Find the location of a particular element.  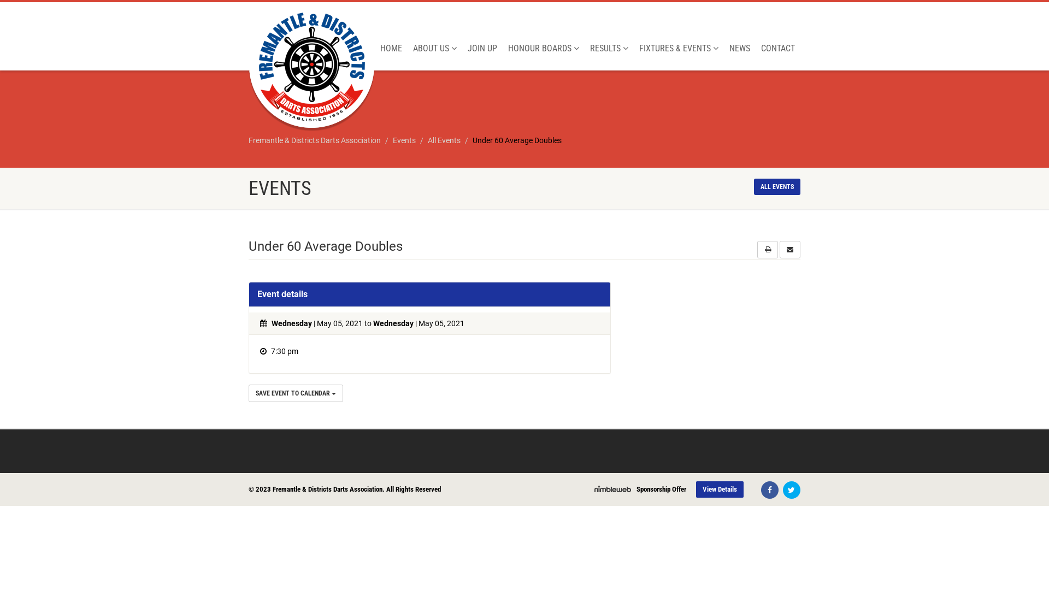

'ABOUT US' is located at coordinates (434, 48).